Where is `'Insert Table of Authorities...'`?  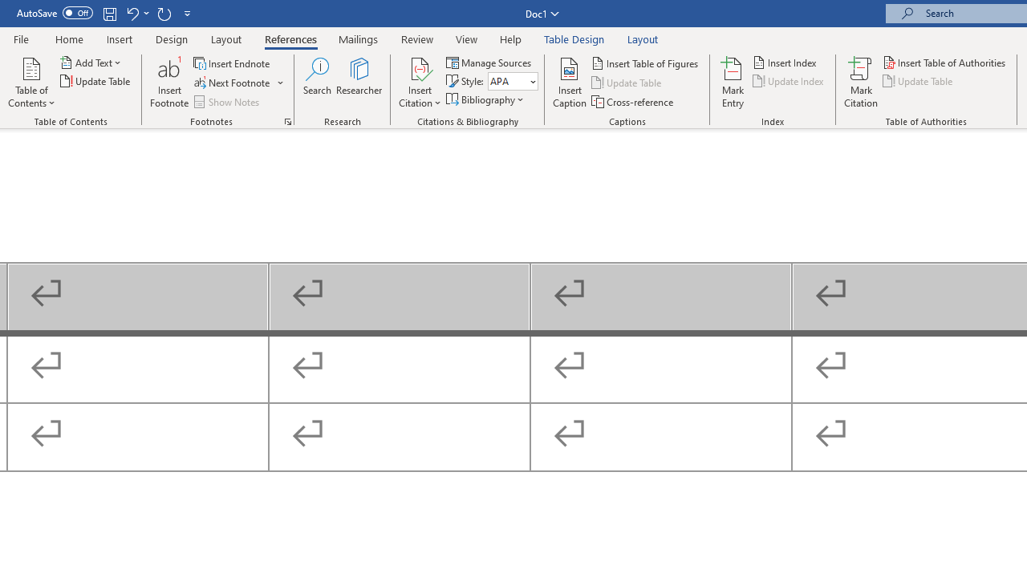 'Insert Table of Authorities...' is located at coordinates (945, 62).